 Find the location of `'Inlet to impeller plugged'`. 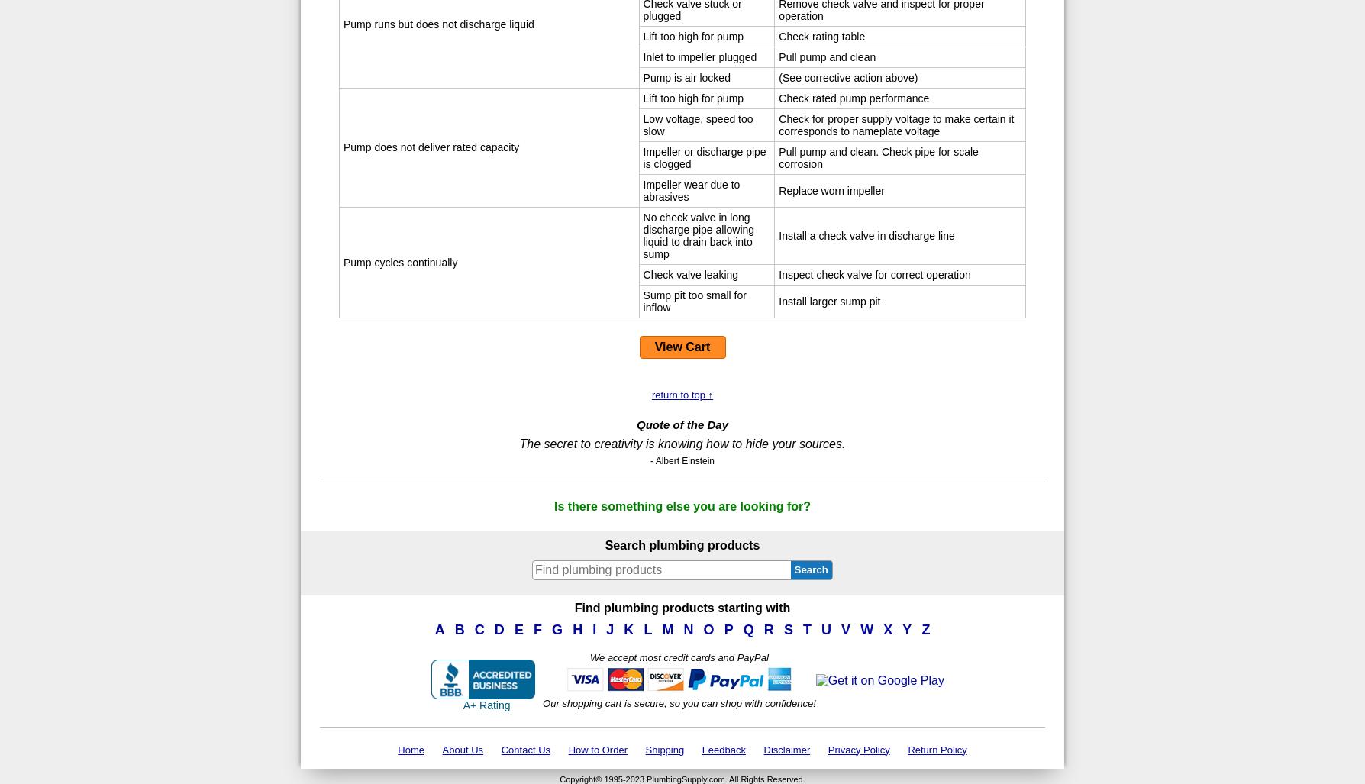

'Inlet to impeller plugged' is located at coordinates (699, 56).